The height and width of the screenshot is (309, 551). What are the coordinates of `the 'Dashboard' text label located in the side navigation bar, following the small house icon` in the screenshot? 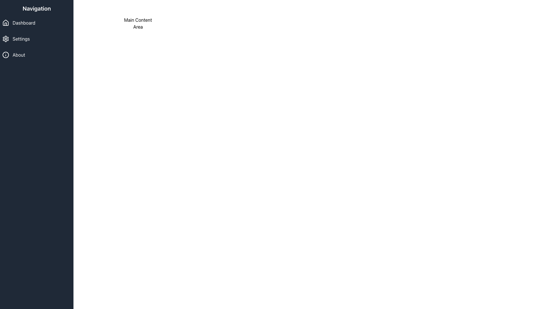 It's located at (24, 23).